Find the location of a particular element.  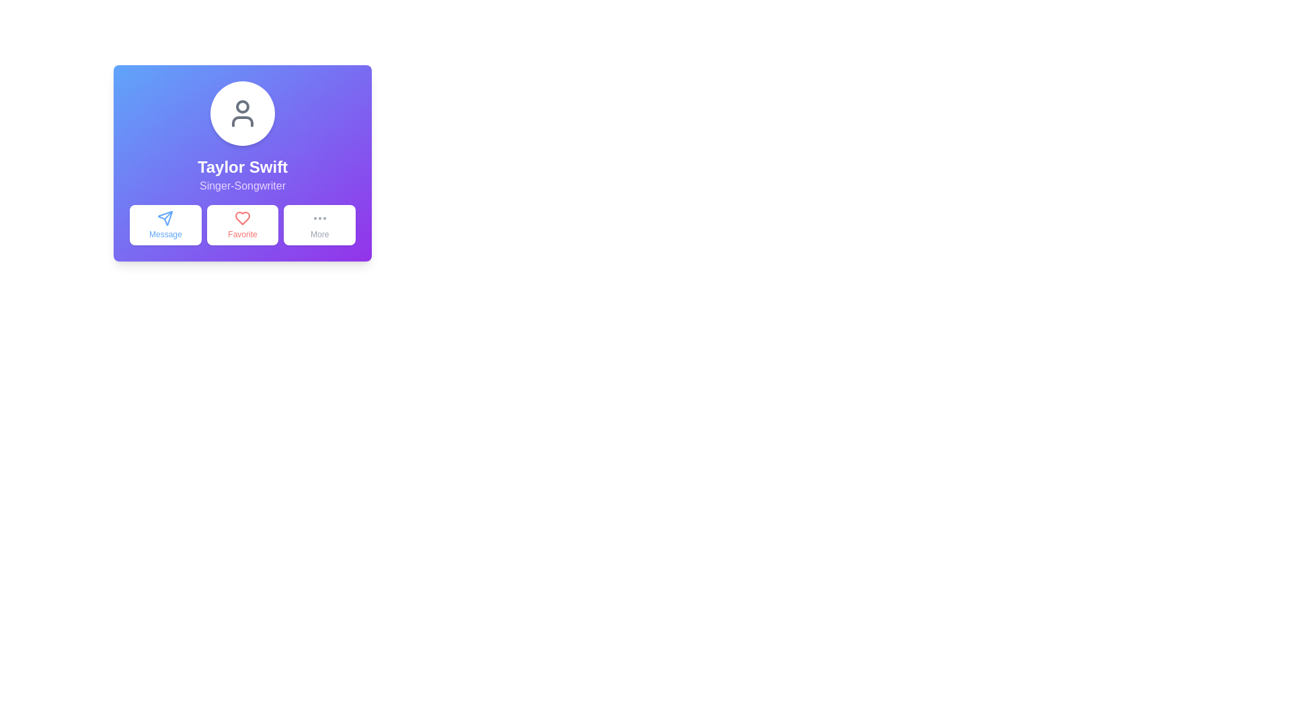

the 'Message' button icon, which represents the action to send a message, located at the bottom of the card-like widget is located at coordinates (165, 217).